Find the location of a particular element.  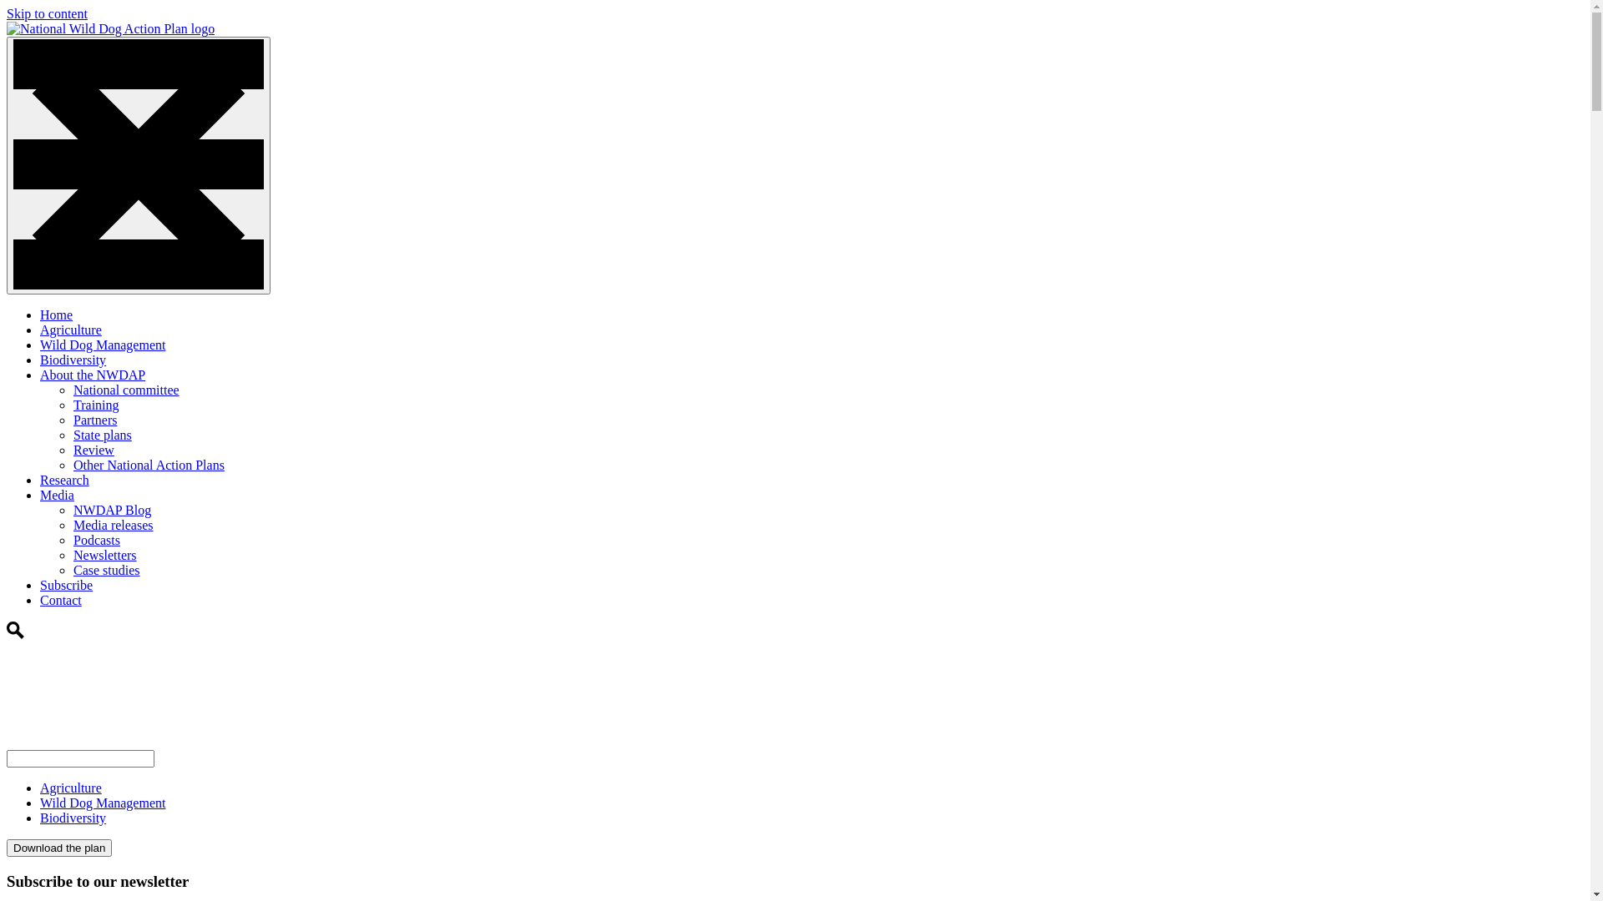

'State plans' is located at coordinates (102, 434).